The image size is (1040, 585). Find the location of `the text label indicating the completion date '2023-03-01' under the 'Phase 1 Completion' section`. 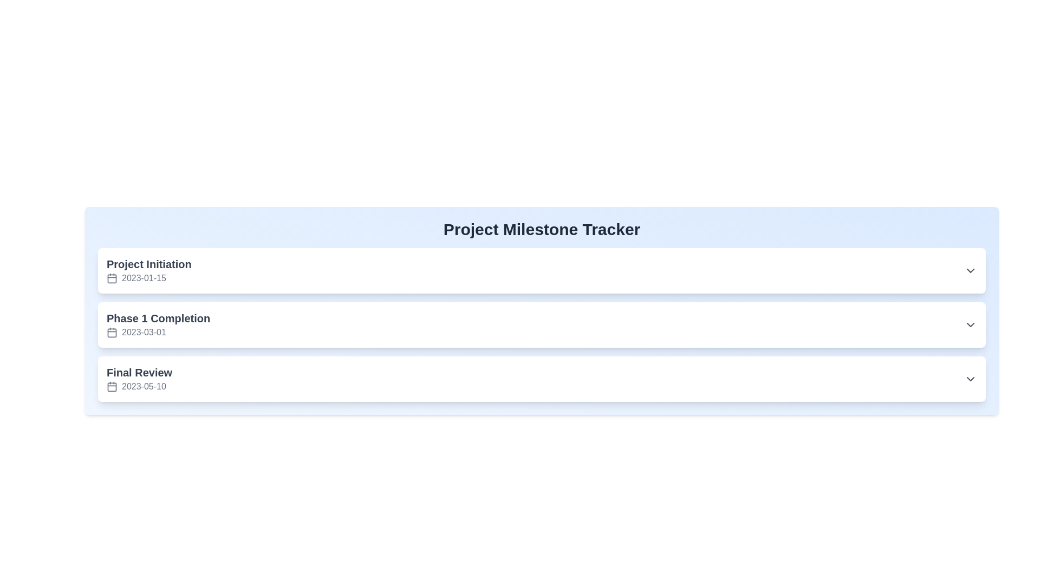

the text label indicating the completion date '2023-03-01' under the 'Phase 1 Completion' section is located at coordinates (158, 331).